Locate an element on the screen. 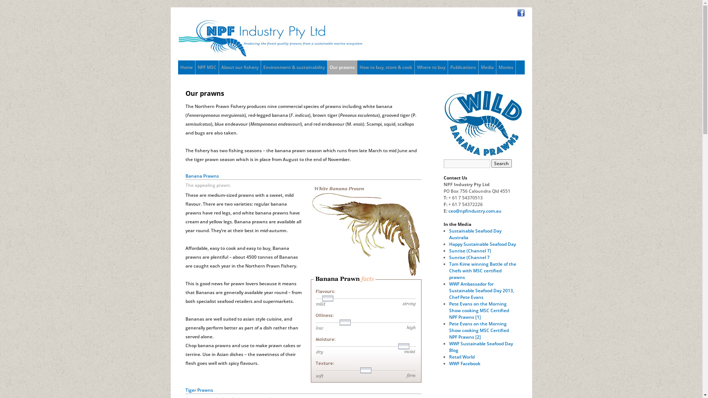 This screenshot has height=398, width=708. 'Media' is located at coordinates (487, 67).